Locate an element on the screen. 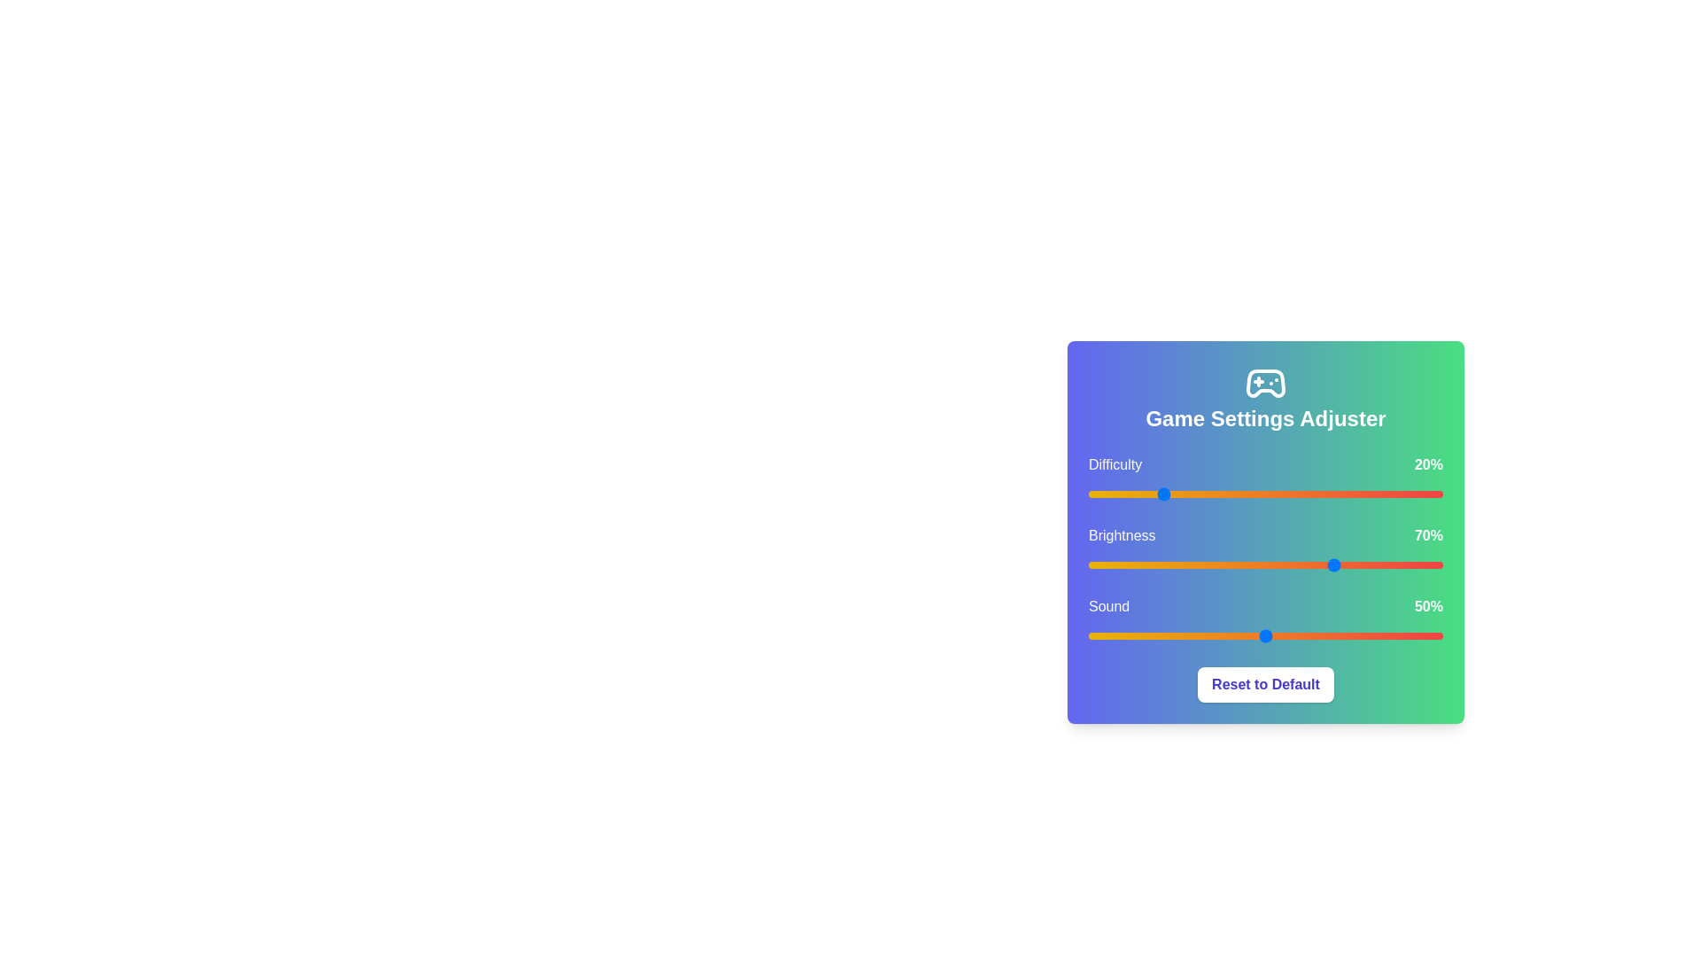 The image size is (1701, 957). the 'Reset to Default' button to reset all settings to their default values is located at coordinates (1265, 683).